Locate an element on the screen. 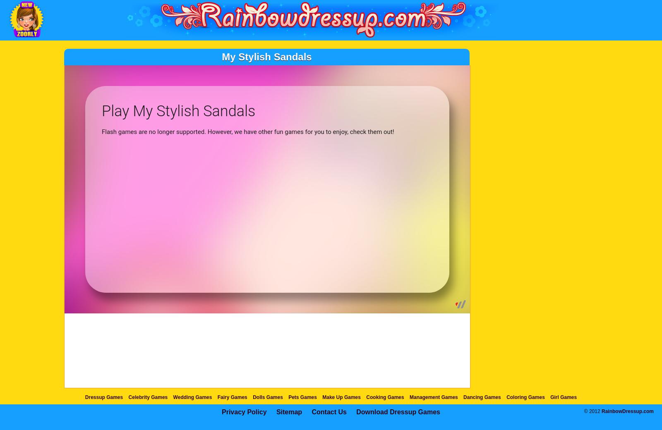 Image resolution: width=662 pixels, height=430 pixels. 'Dancing Games' is located at coordinates (482, 397).